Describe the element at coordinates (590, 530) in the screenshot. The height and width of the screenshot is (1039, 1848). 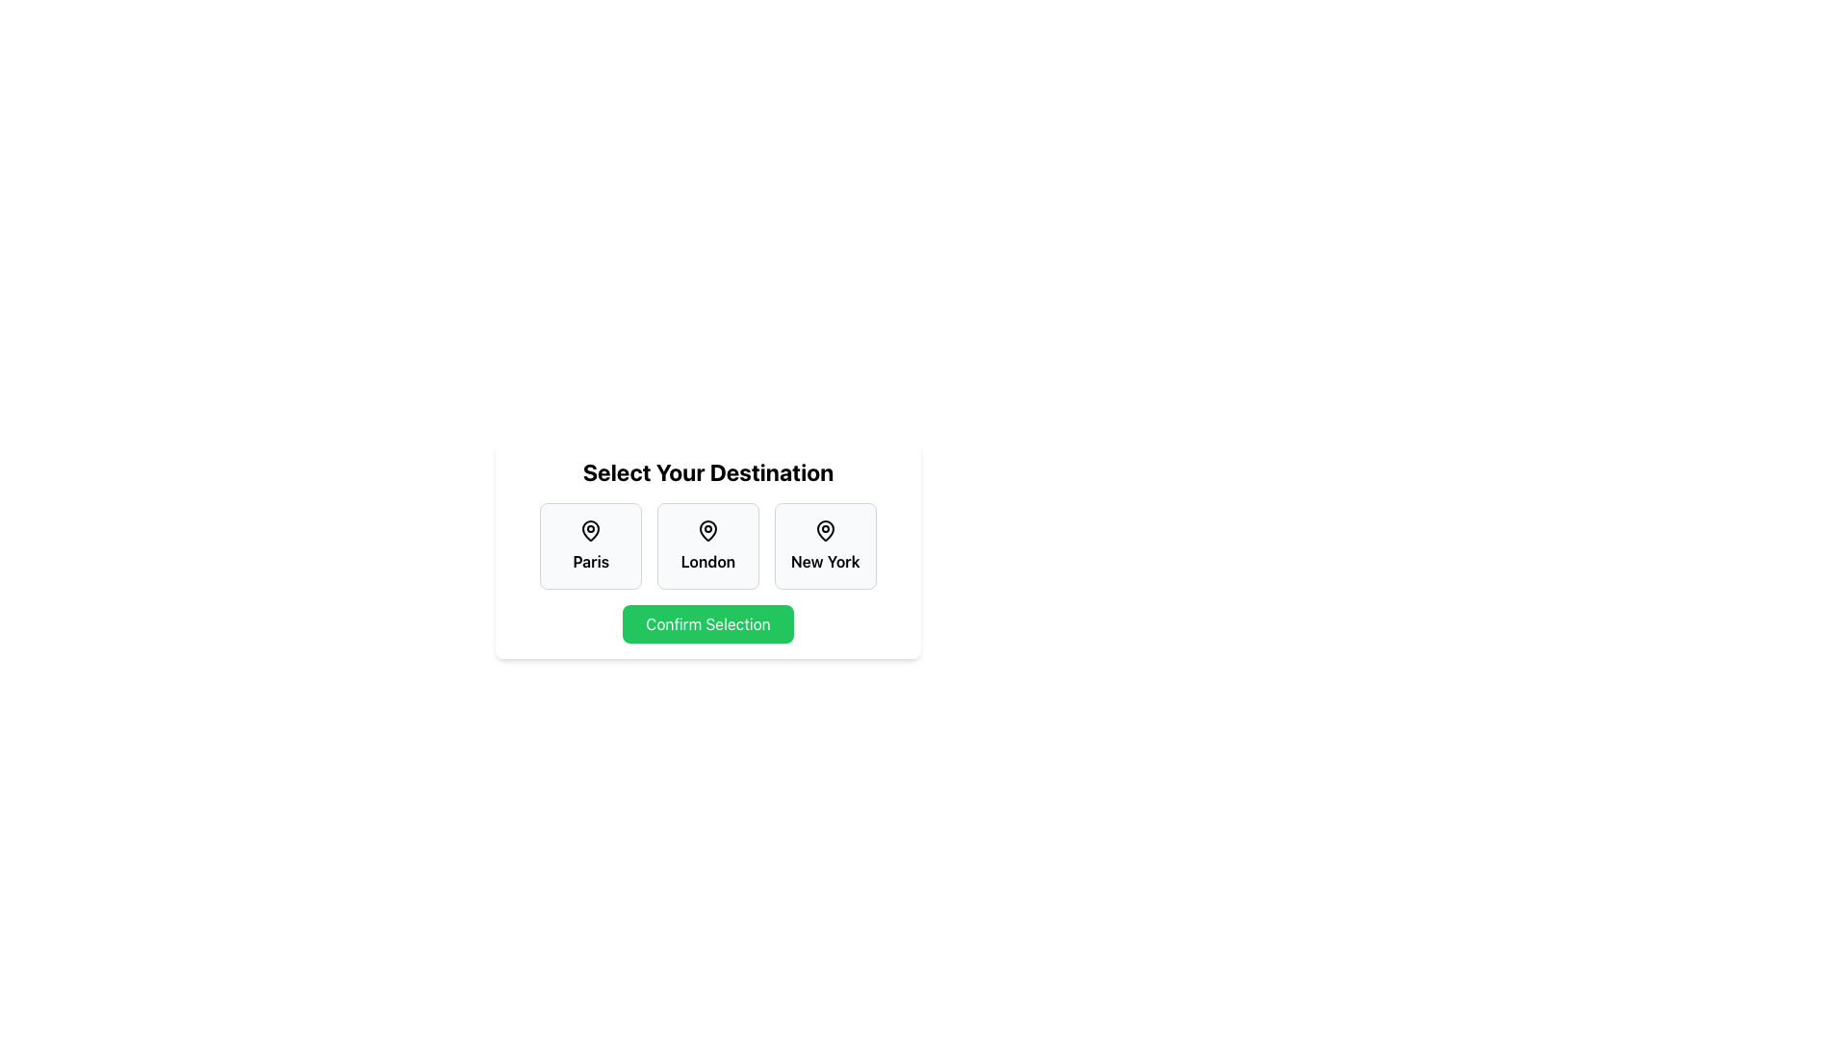
I see `the SVG map pin marker icon located inside the card labeled 'Paris', which is the leftmost card in a row of three similar cards` at that location.